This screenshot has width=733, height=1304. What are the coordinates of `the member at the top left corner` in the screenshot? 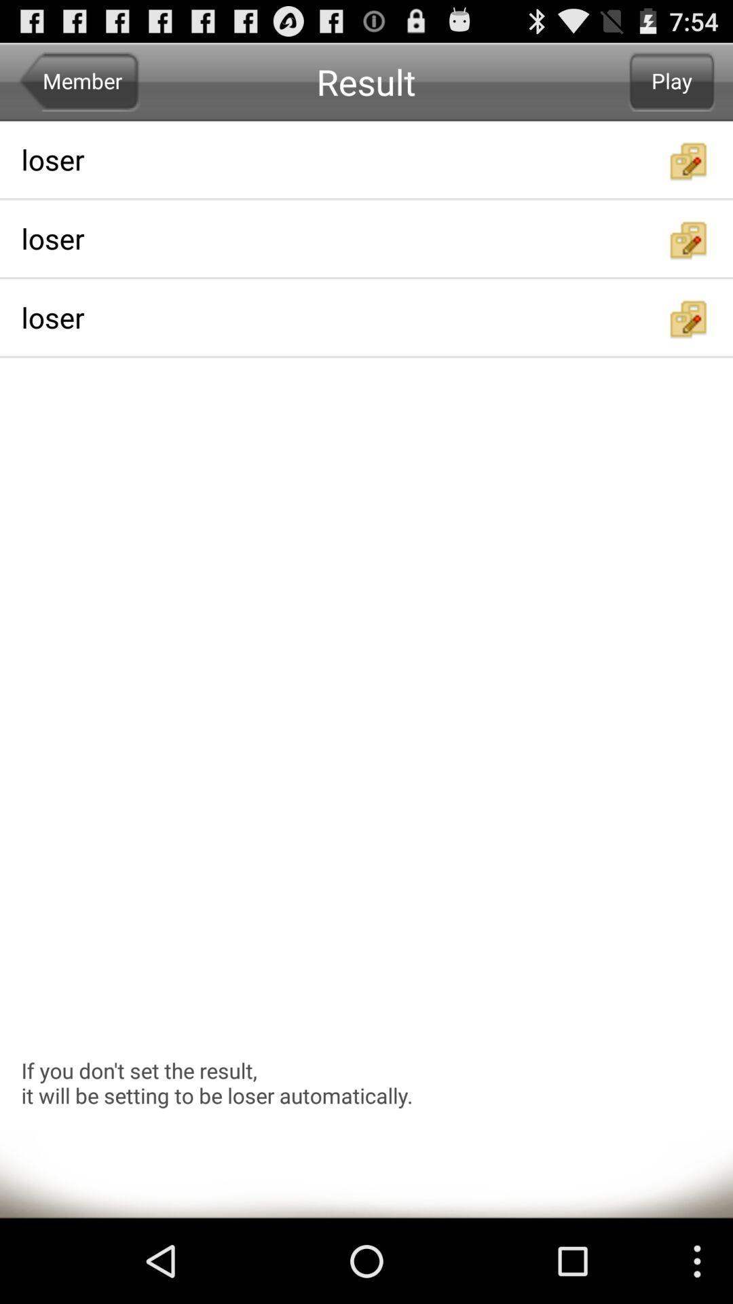 It's located at (79, 81).